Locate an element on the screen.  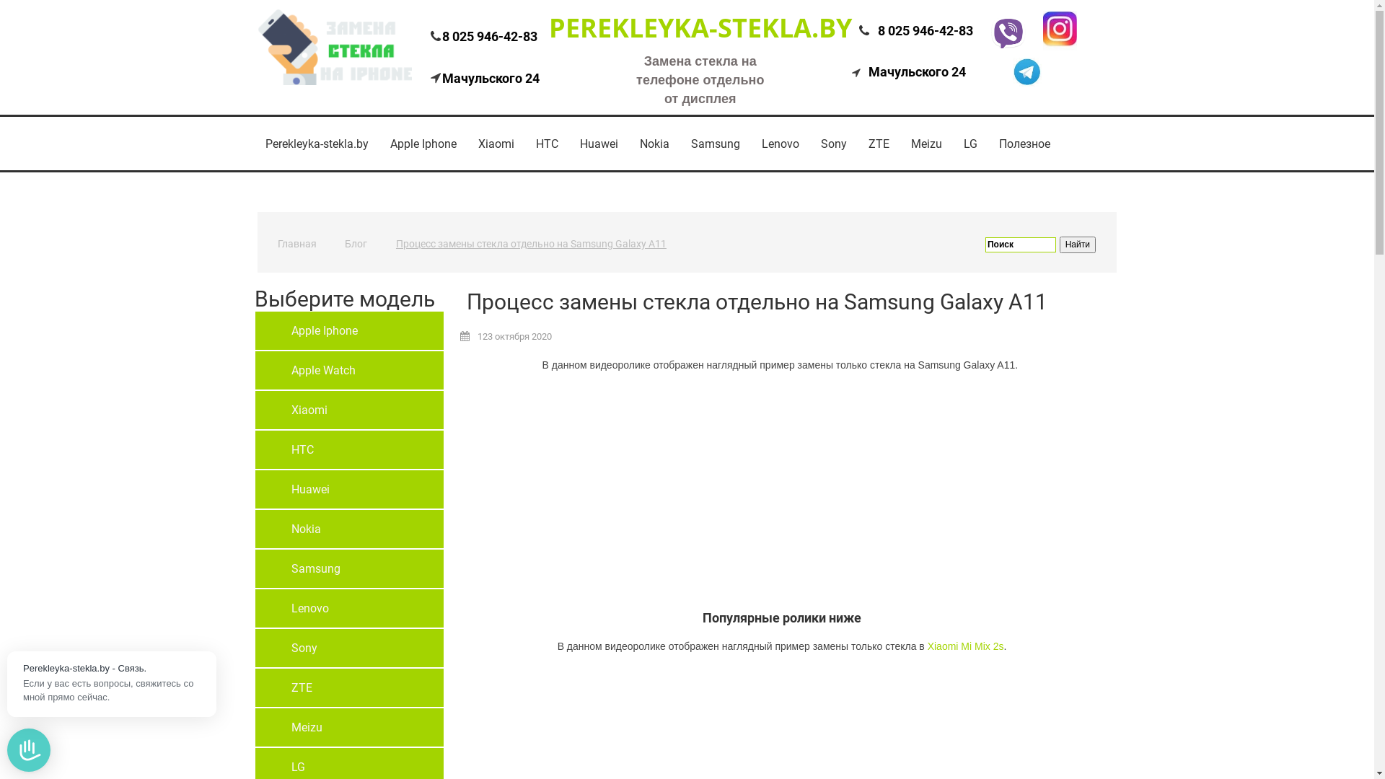
'HTC' is located at coordinates (348, 449).